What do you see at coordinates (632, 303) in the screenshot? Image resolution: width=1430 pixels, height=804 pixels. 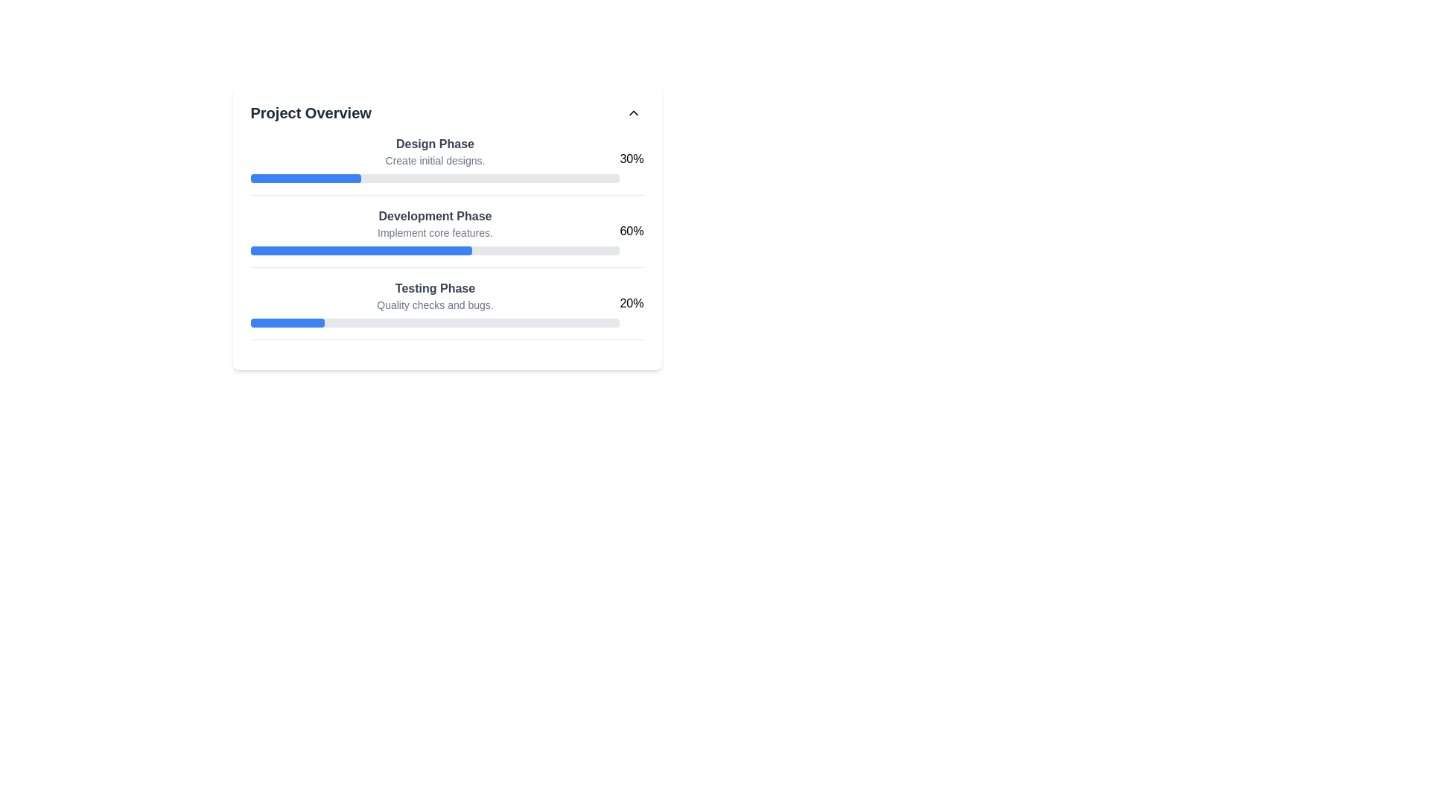 I see `the progress indicator Text Label for the 'Testing Phase' in the Project Overview interface, which is aligned to the right of 'Testing Phase' and 'Quality checks and bugs.'` at bounding box center [632, 303].